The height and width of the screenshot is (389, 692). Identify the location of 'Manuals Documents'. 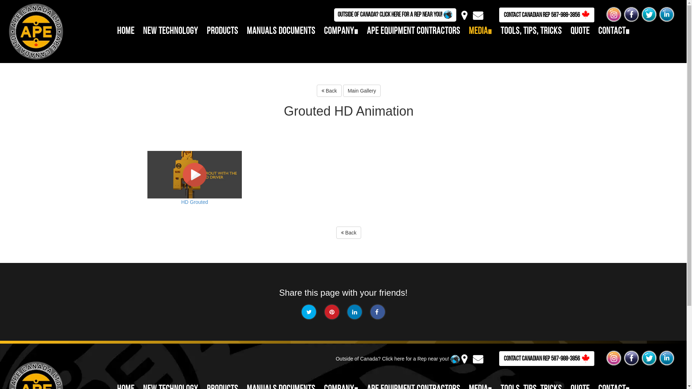
(280, 31).